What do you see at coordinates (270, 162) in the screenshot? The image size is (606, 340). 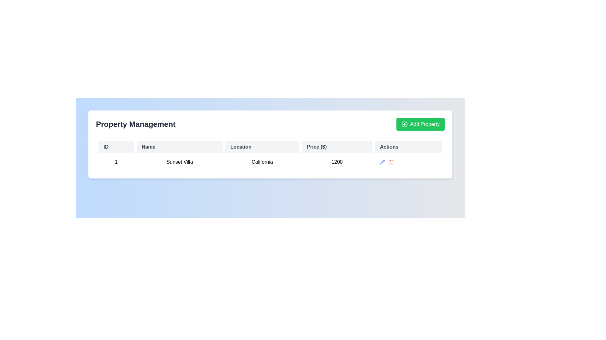 I see `the first row of the table containing the columns 'ID', 'Name', 'Location', 'Price ($)', and 'Actions'` at bounding box center [270, 162].